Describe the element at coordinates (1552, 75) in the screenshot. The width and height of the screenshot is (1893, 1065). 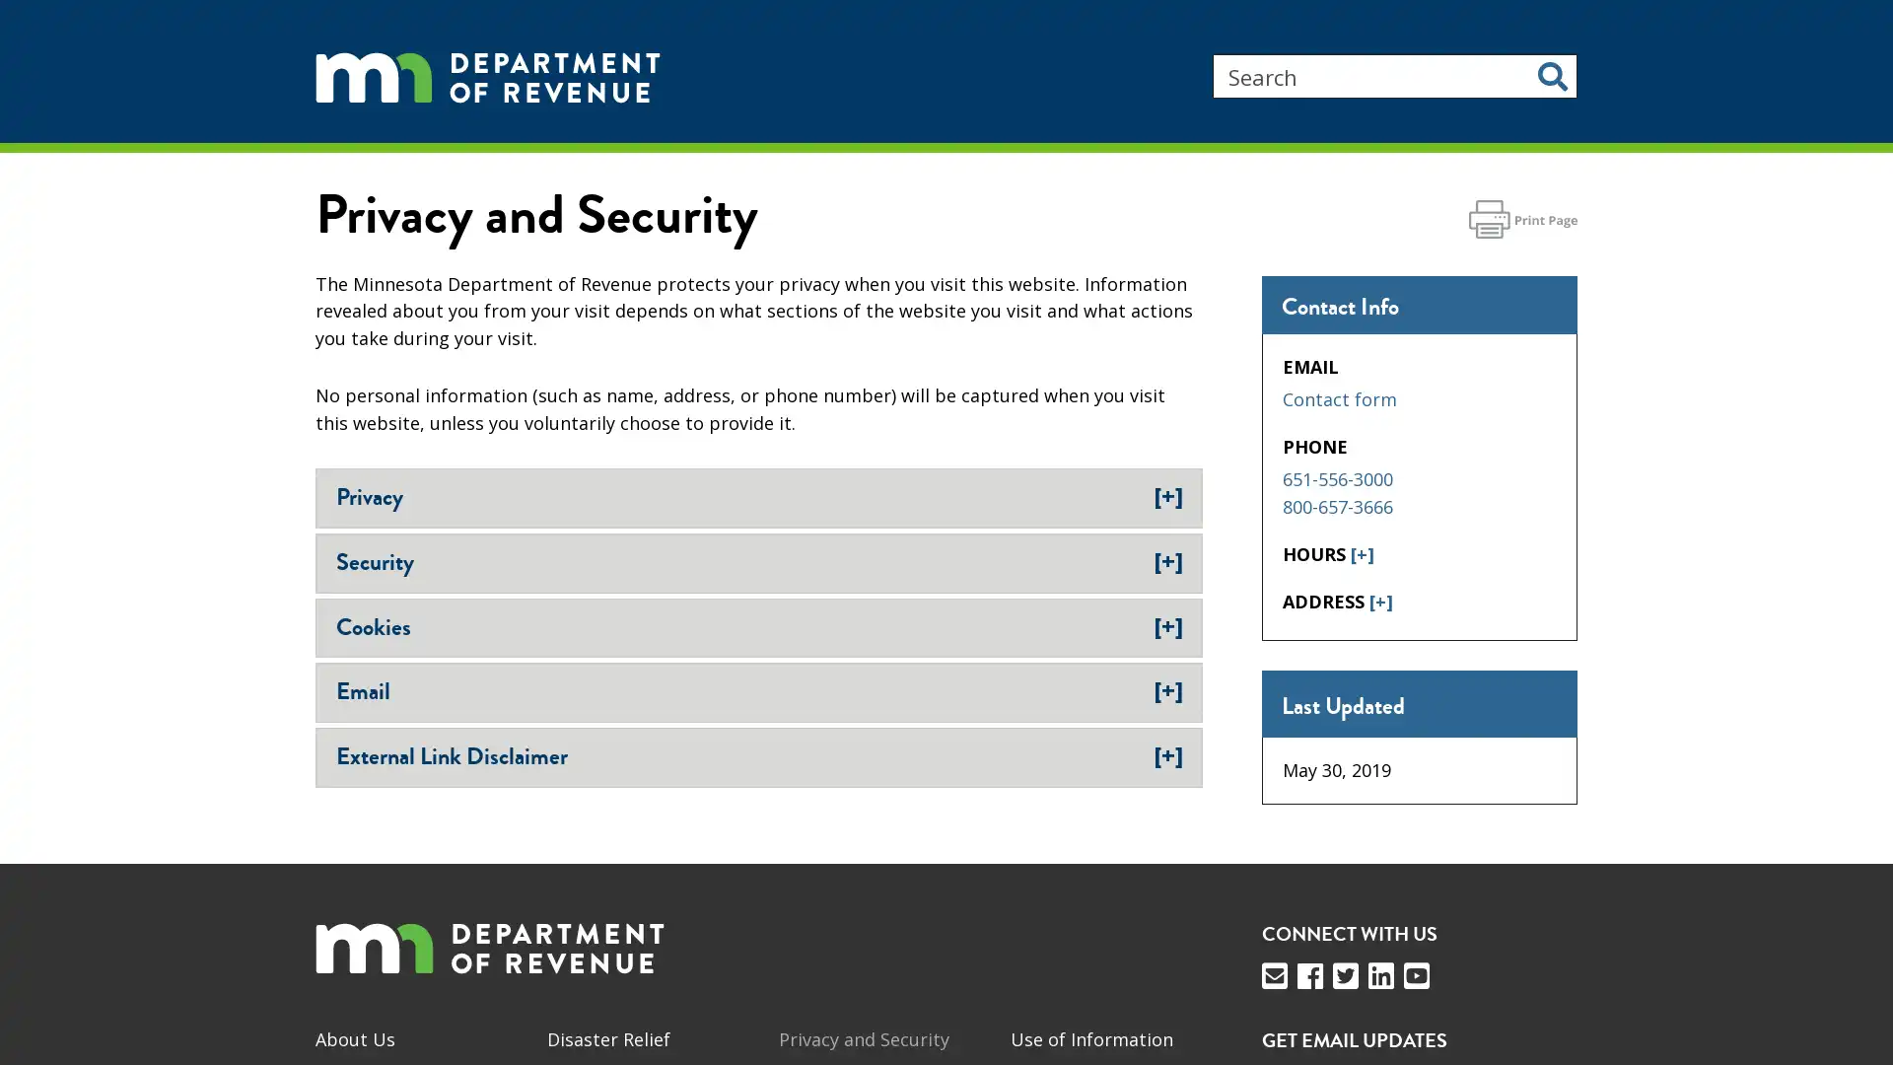
I see `Search` at that location.